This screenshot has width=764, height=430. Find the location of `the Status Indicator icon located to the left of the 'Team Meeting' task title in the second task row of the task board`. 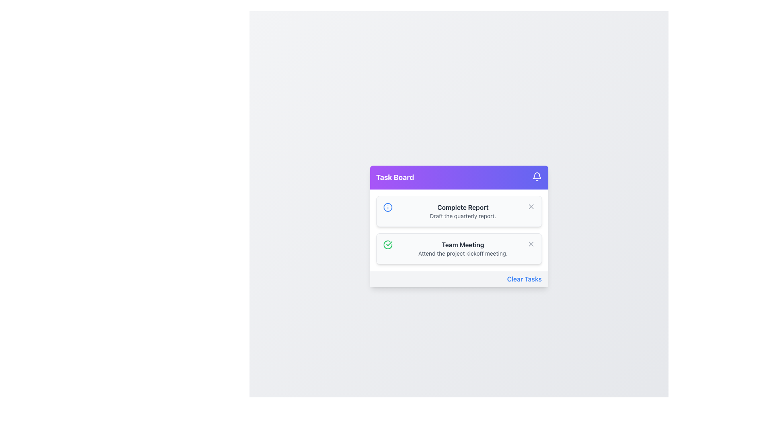

the Status Indicator icon located to the left of the 'Team Meeting' task title in the second task row of the task board is located at coordinates (388, 244).